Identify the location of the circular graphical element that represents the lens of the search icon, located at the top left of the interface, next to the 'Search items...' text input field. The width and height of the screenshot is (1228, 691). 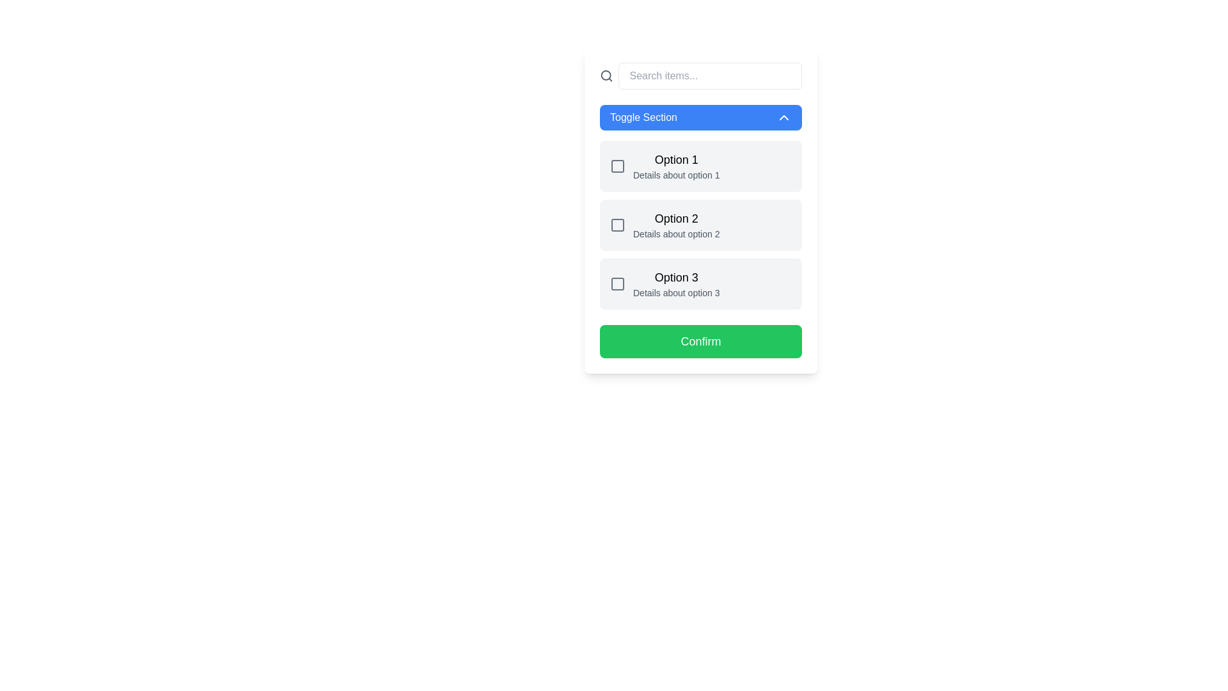
(605, 75).